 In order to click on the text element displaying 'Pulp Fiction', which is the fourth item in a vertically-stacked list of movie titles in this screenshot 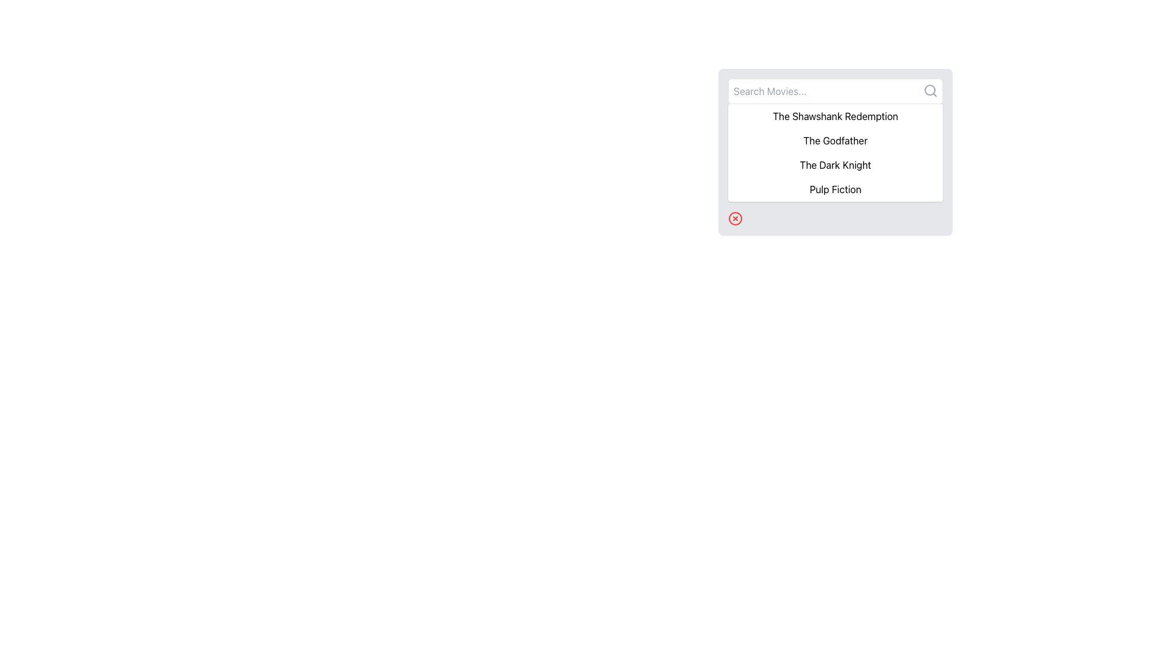, I will do `click(834, 189)`.